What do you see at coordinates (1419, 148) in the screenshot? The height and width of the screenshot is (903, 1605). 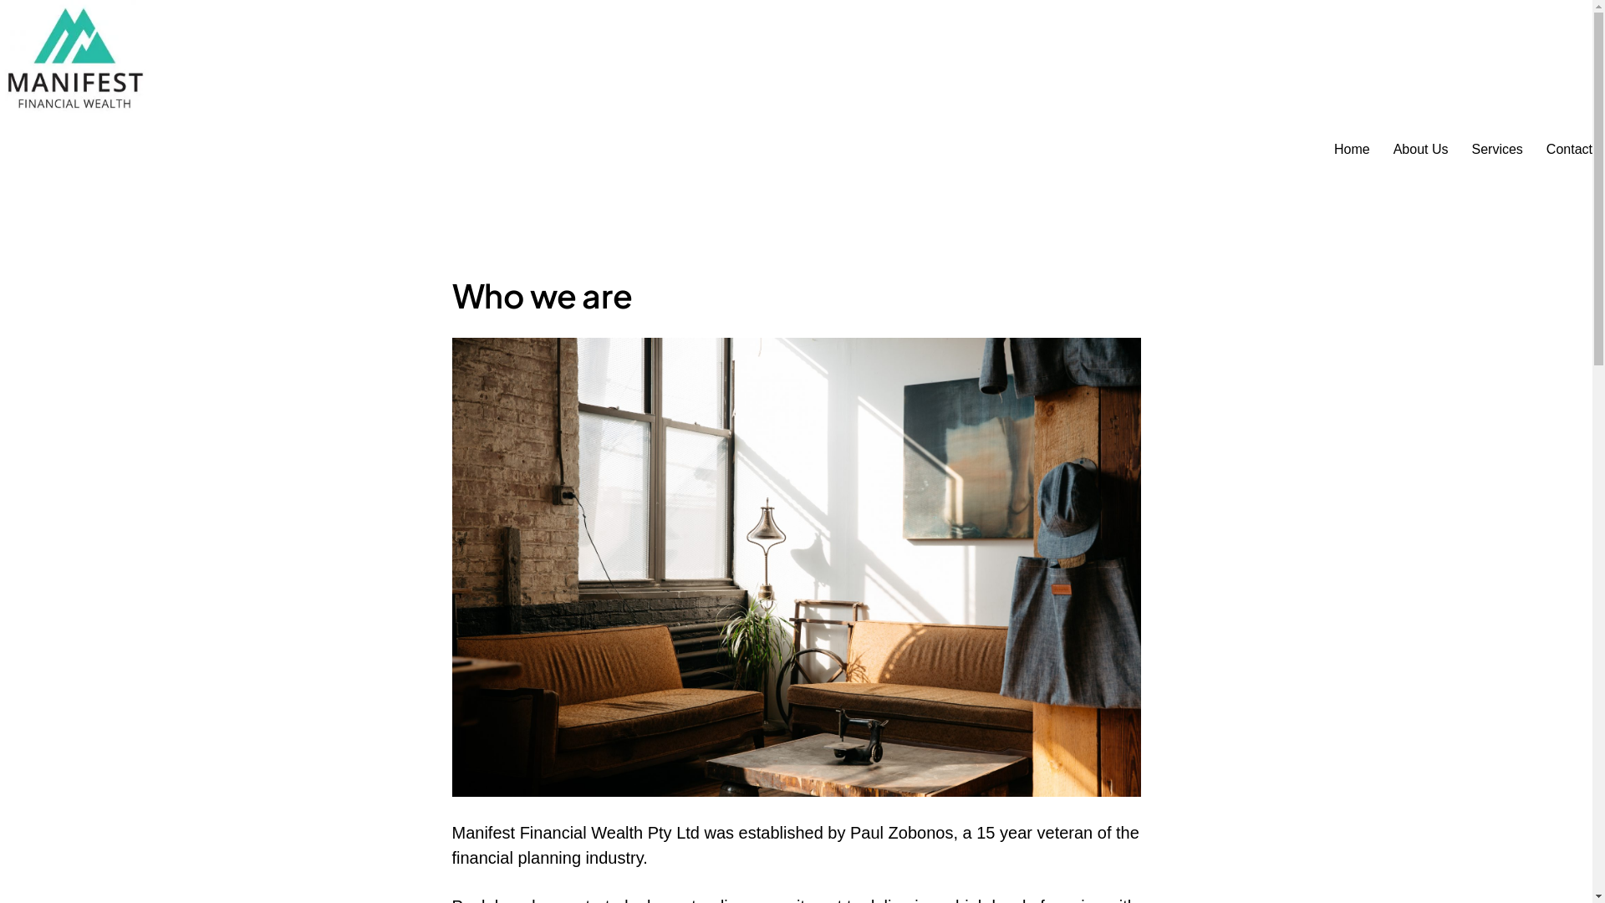 I see `'About Us'` at bounding box center [1419, 148].